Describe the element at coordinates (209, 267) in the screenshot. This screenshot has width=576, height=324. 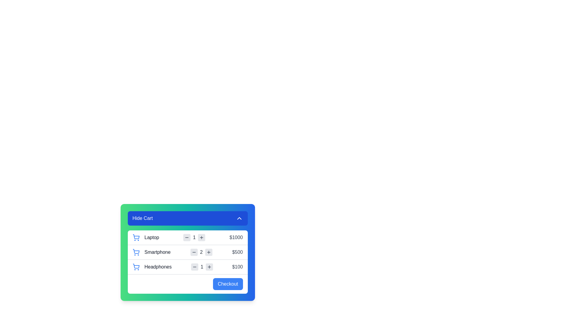
I see `the increment button for 'Headphones' to increase the item quantity in the shopping cart` at that location.